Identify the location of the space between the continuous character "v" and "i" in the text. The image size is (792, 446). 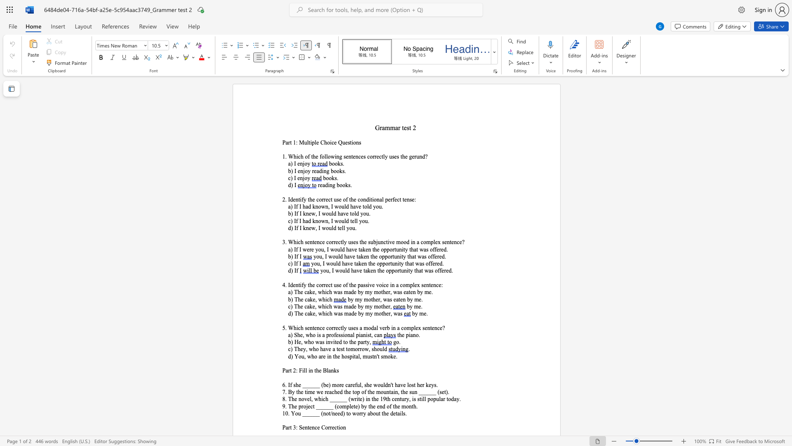
(332, 342).